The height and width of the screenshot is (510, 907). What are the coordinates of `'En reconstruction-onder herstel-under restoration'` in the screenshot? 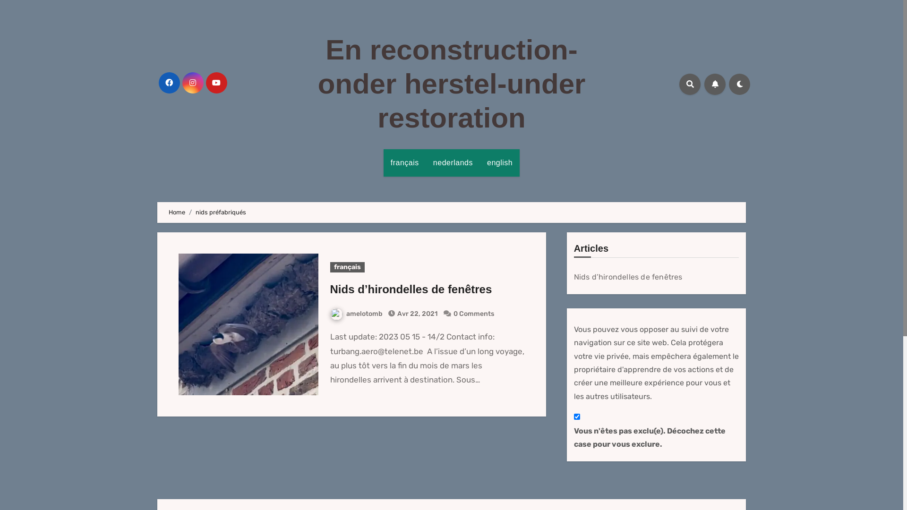 It's located at (451, 83).